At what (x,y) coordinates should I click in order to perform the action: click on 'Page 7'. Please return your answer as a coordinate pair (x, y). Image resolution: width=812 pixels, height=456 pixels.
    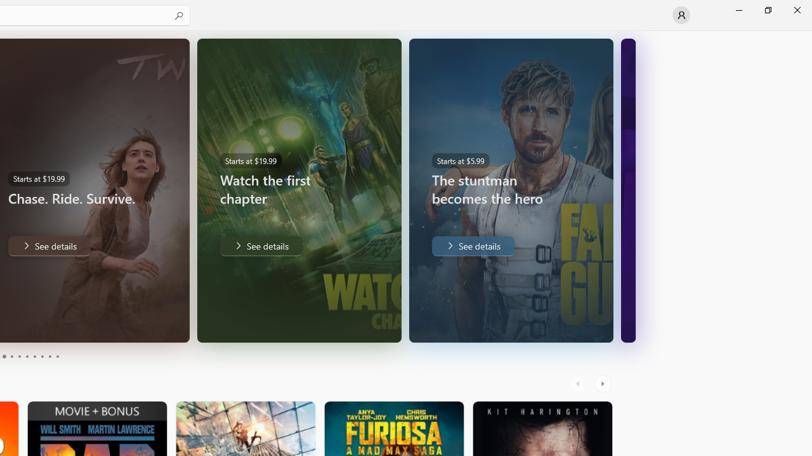
    Looking at the image, I should click on (34, 357).